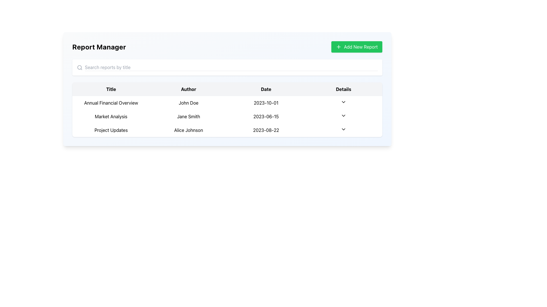  I want to click on the button in the 'Details' column of the 'Project Updates' row, so click(343, 130).